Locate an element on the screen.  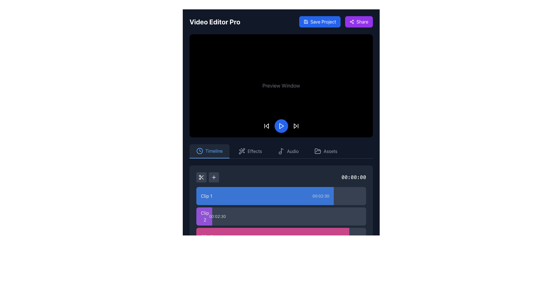
the wand icon with sparkles located in the toolbar beneath the preview window is located at coordinates (242, 151).